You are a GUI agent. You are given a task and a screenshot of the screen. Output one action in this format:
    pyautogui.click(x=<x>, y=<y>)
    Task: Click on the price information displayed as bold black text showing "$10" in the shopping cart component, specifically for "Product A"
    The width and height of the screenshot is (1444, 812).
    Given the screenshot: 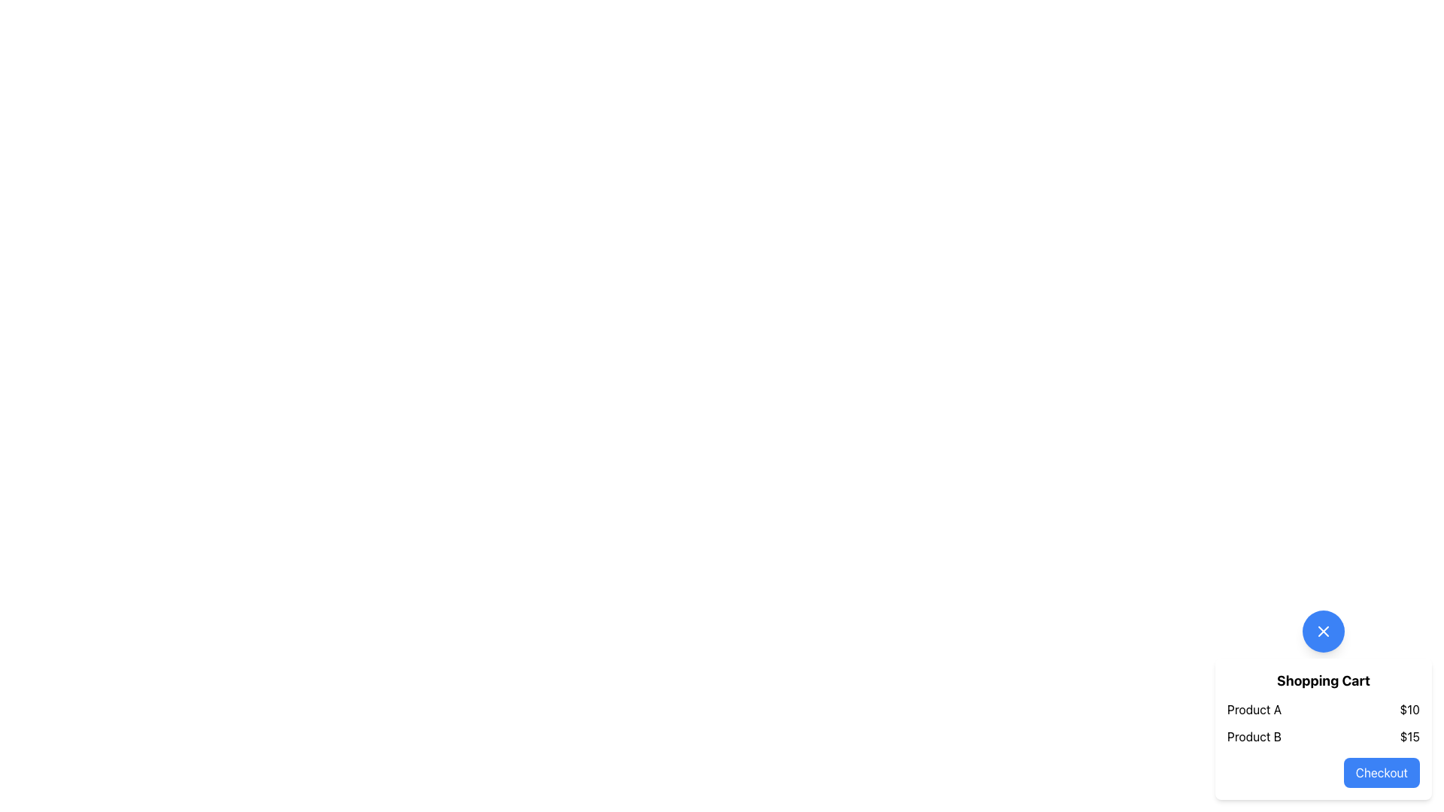 What is the action you would take?
    pyautogui.click(x=1409, y=710)
    